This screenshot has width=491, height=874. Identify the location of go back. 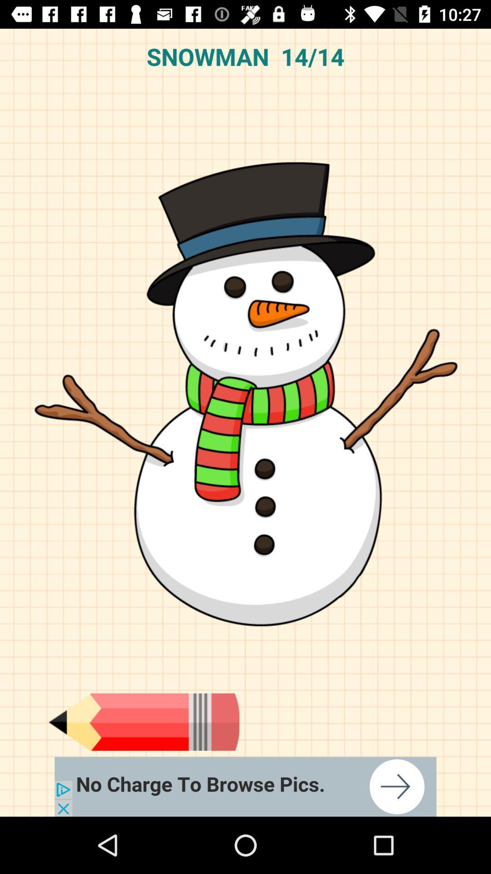
(143, 722).